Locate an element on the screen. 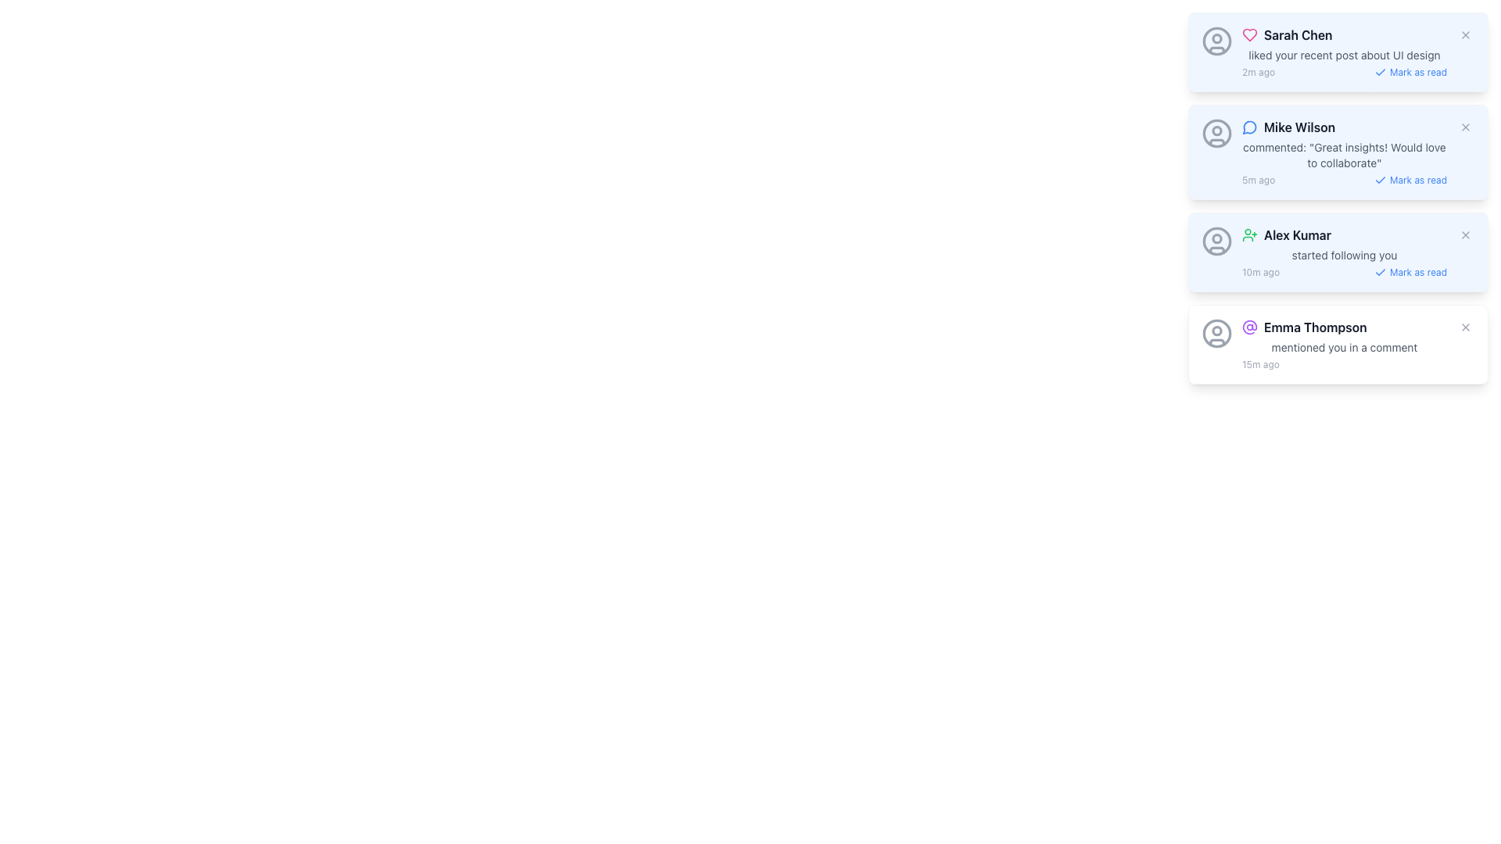 The image size is (1501, 844). the text block displaying the comment made by 'Mike Wilson' in the notification card, located under their name and above the timestamp is located at coordinates (1343, 156).